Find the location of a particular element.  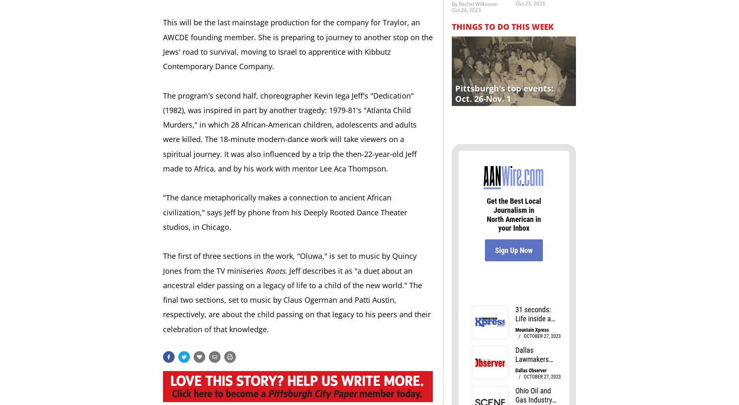

'Roots' is located at coordinates (275, 270).